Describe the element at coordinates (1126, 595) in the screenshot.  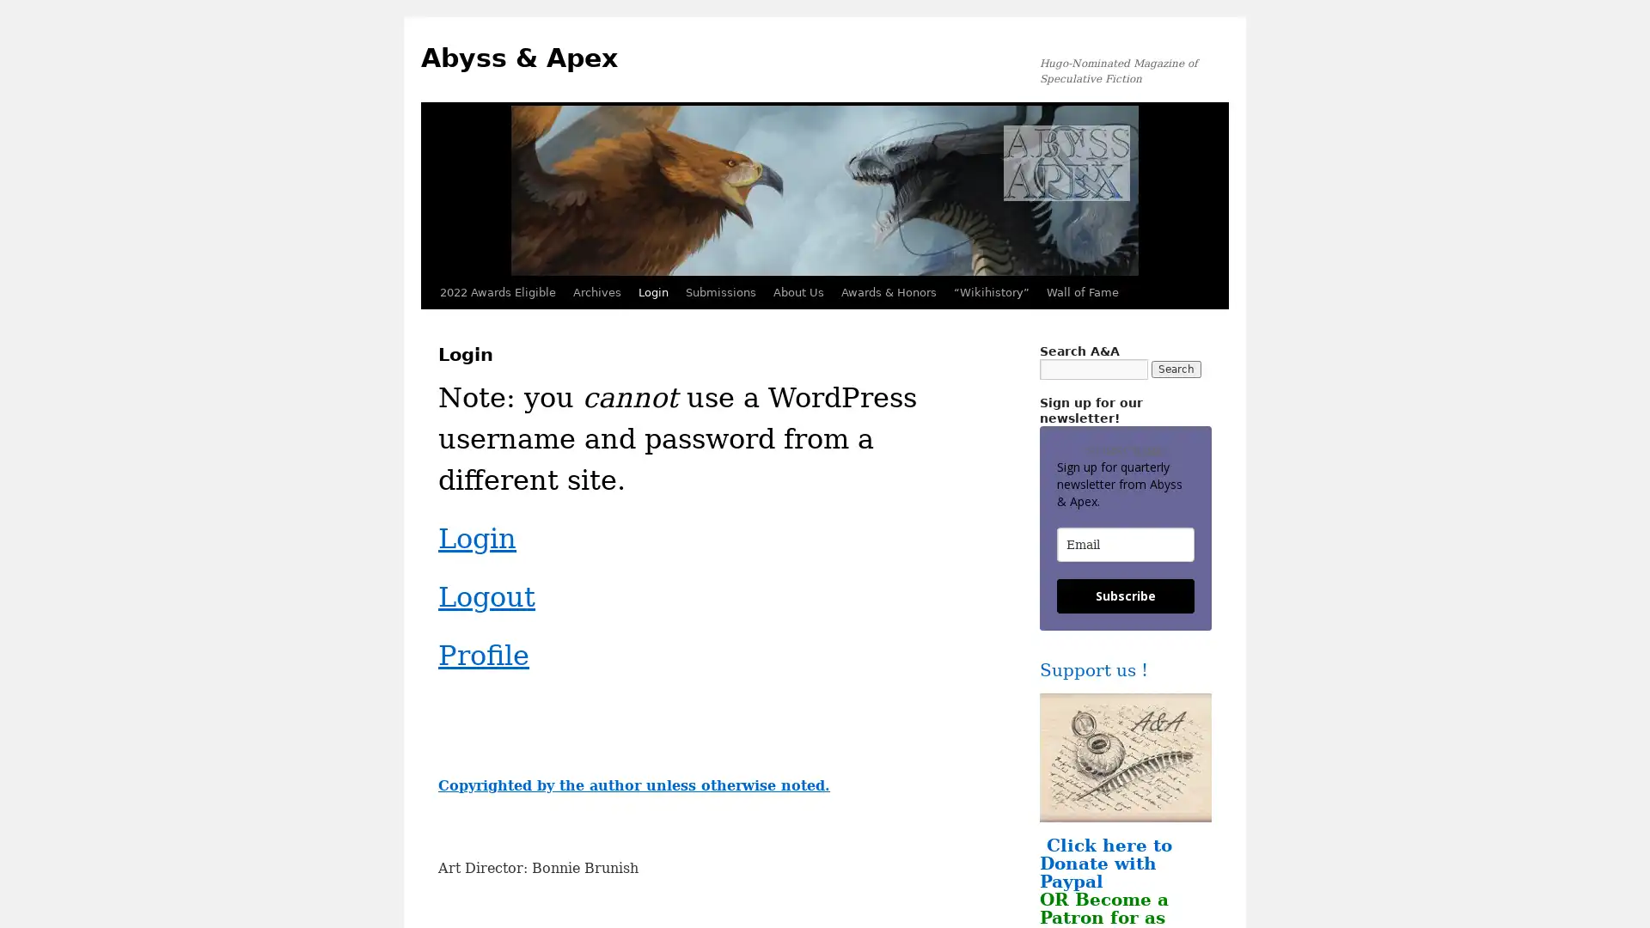
I see `Subscribe` at that location.